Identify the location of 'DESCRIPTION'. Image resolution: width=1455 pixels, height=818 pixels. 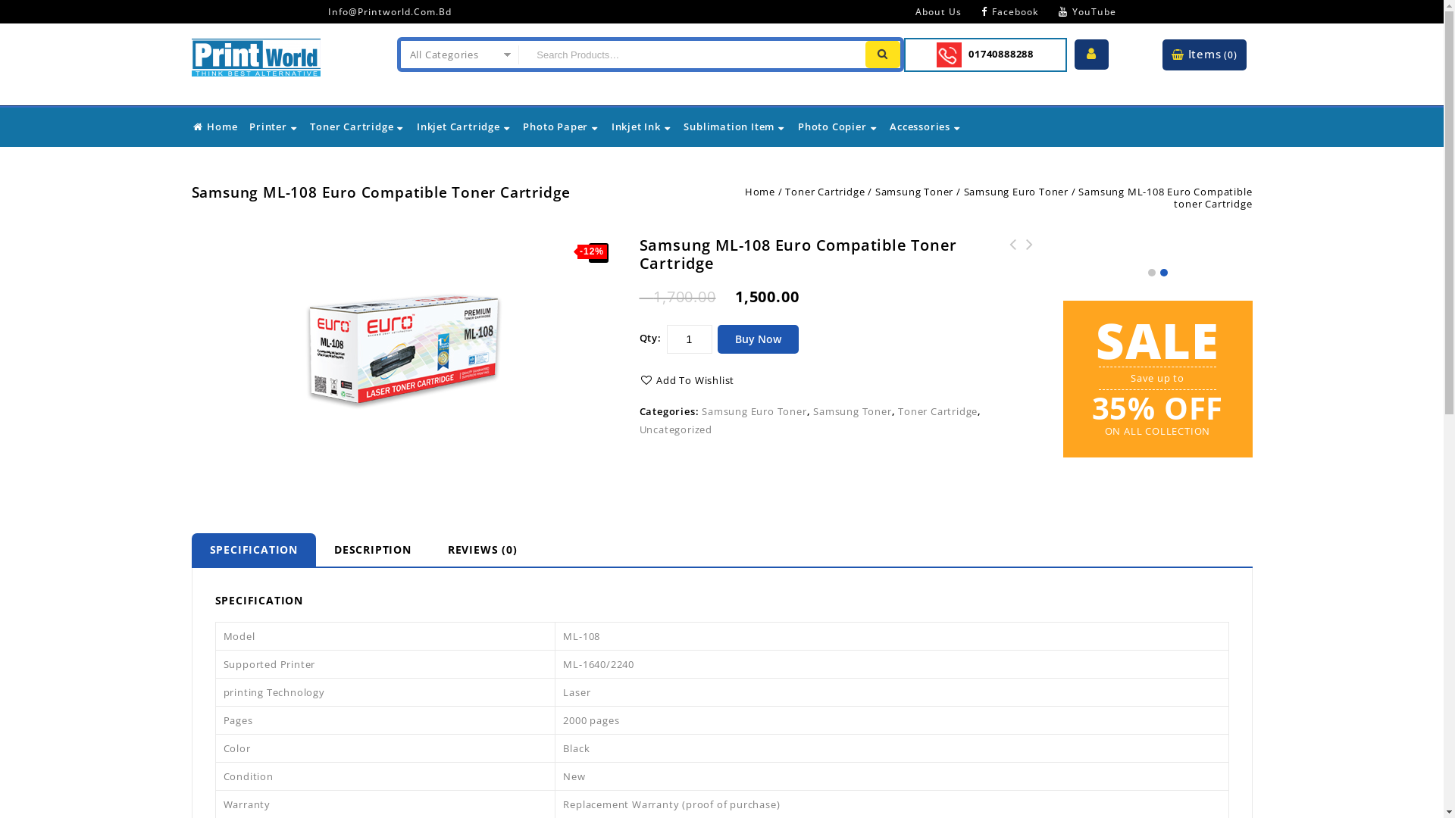
(315, 549).